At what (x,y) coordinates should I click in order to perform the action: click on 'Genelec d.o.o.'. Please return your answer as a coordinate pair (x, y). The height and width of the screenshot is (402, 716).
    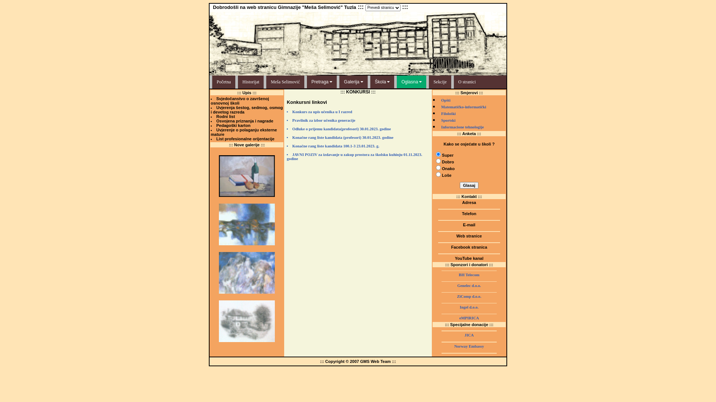
    Looking at the image, I should click on (468, 285).